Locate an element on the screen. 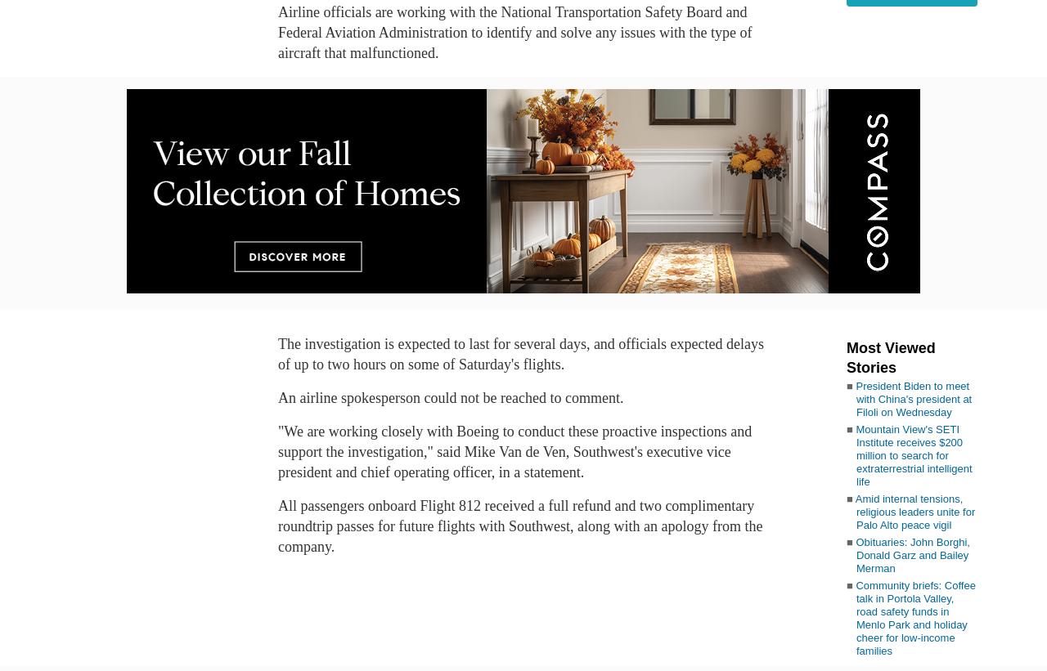 The height and width of the screenshot is (671, 1047). 'All passengers onboard Flight 812 received a full refund and two complimentary roundtrip passes for future flights with Southwest, along with an apology from the company.' is located at coordinates (519, 525).